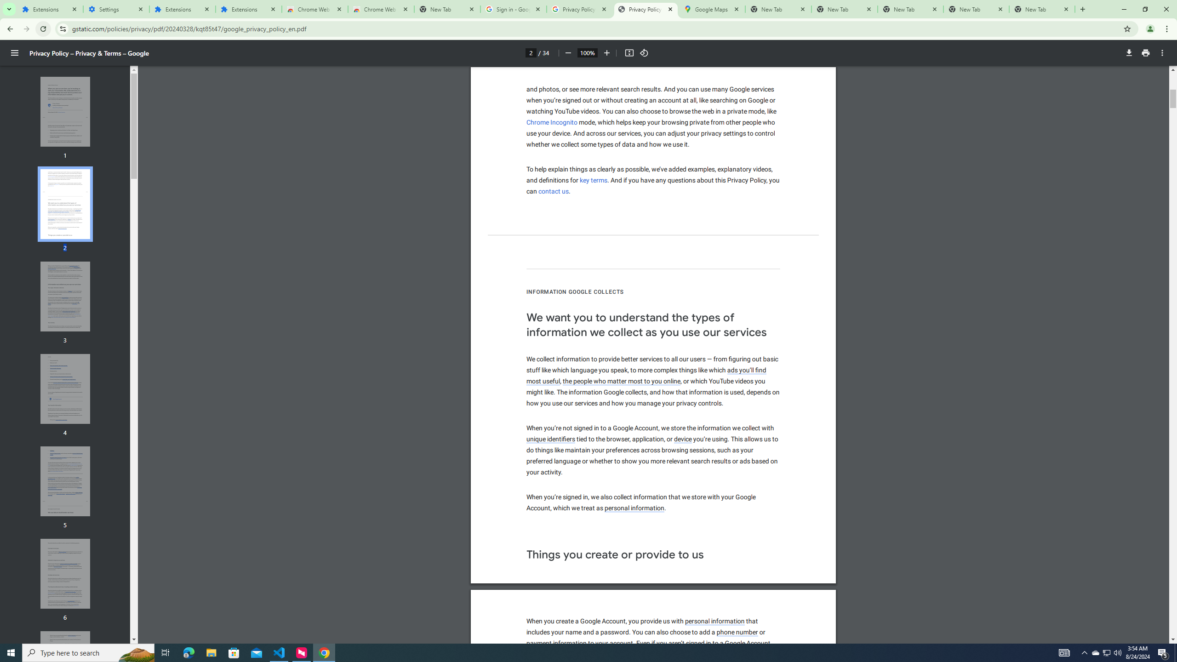 The width and height of the screenshot is (1177, 662). Describe the element at coordinates (551, 122) in the screenshot. I see `'Chrome Incognito'` at that location.